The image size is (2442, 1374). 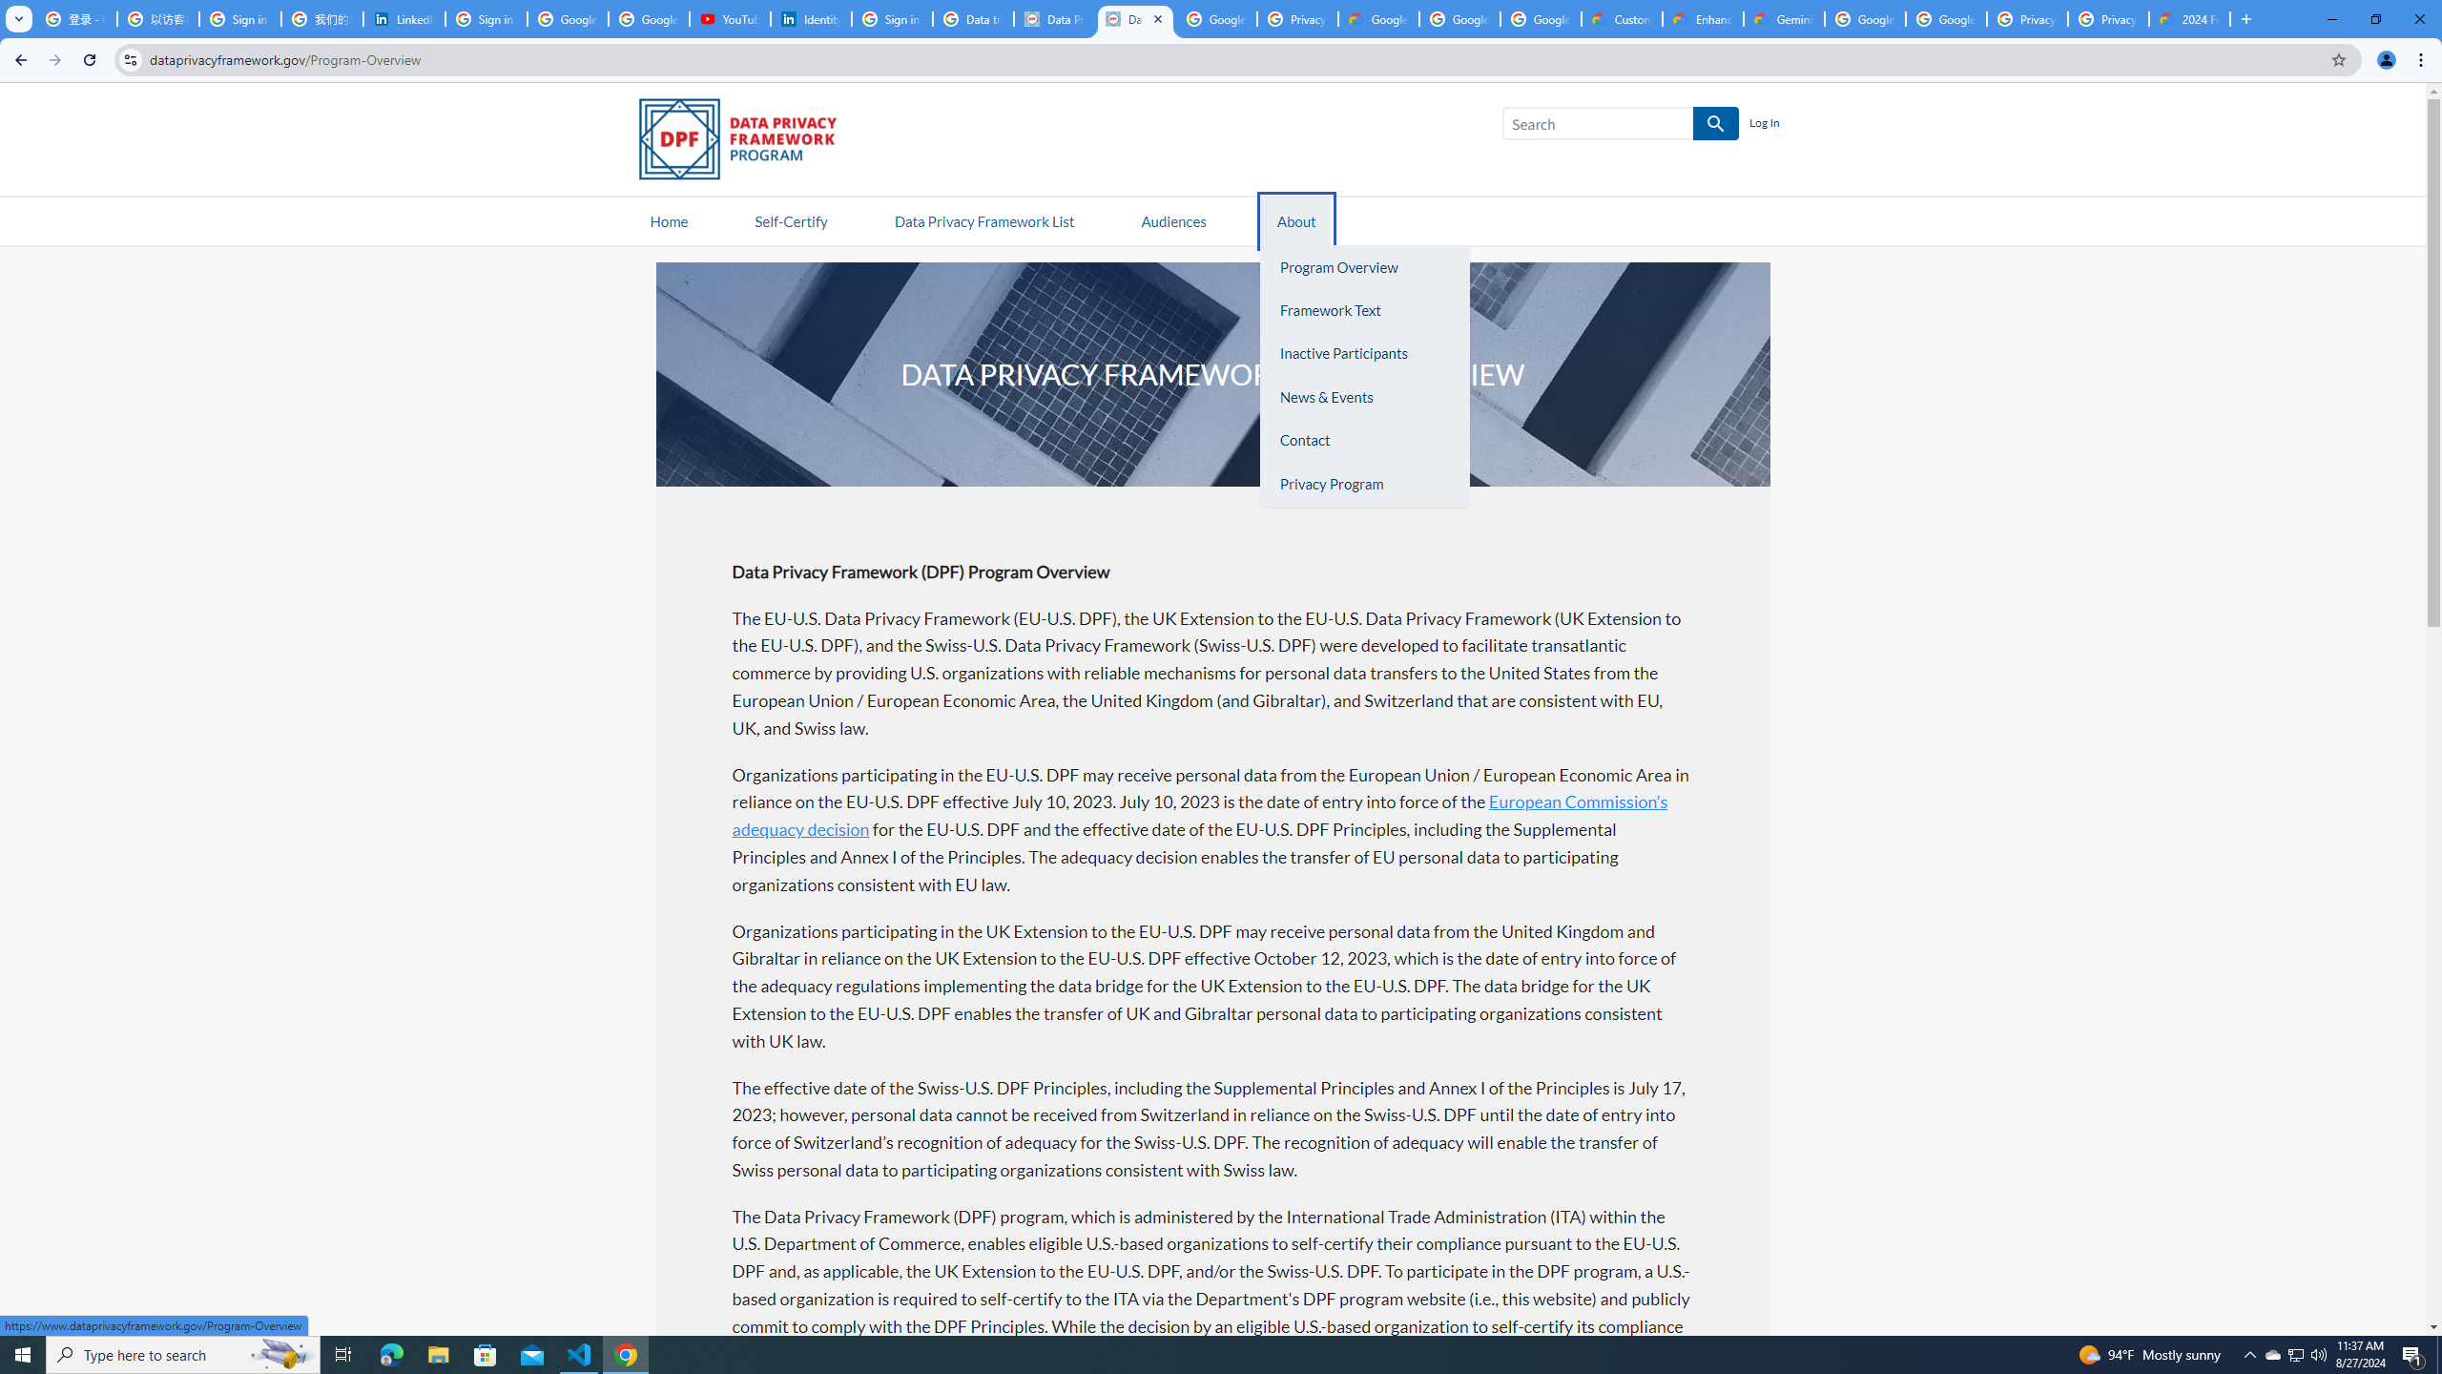 I want to click on 'Google Cloud Terms Directory | Google Cloud', so click(x=1379, y=18).